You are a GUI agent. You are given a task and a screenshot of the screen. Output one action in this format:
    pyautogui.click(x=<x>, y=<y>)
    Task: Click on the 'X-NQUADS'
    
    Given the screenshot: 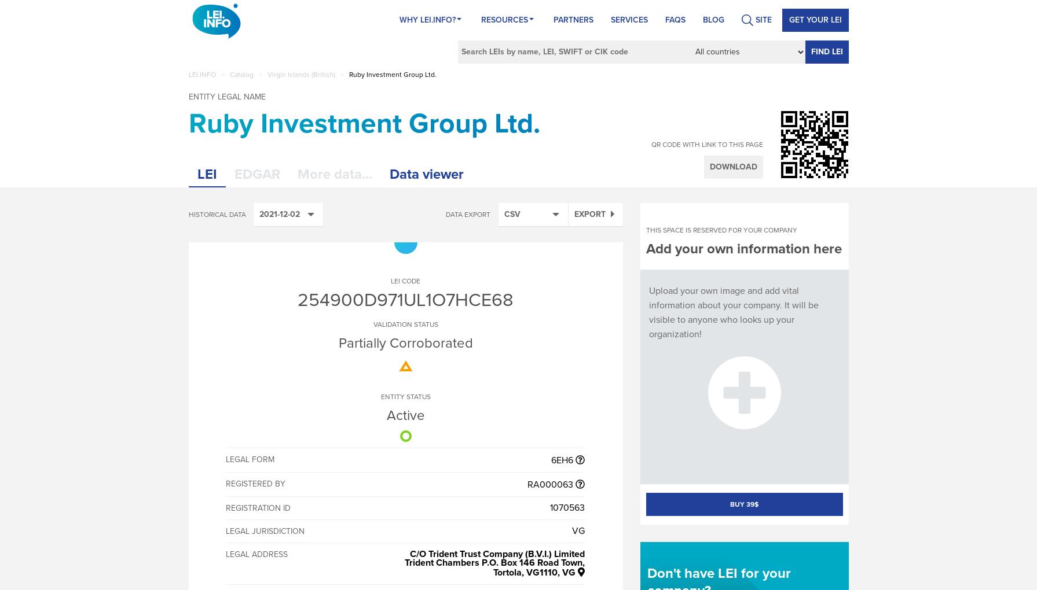 What is the action you would take?
    pyautogui.click(x=524, y=561)
    